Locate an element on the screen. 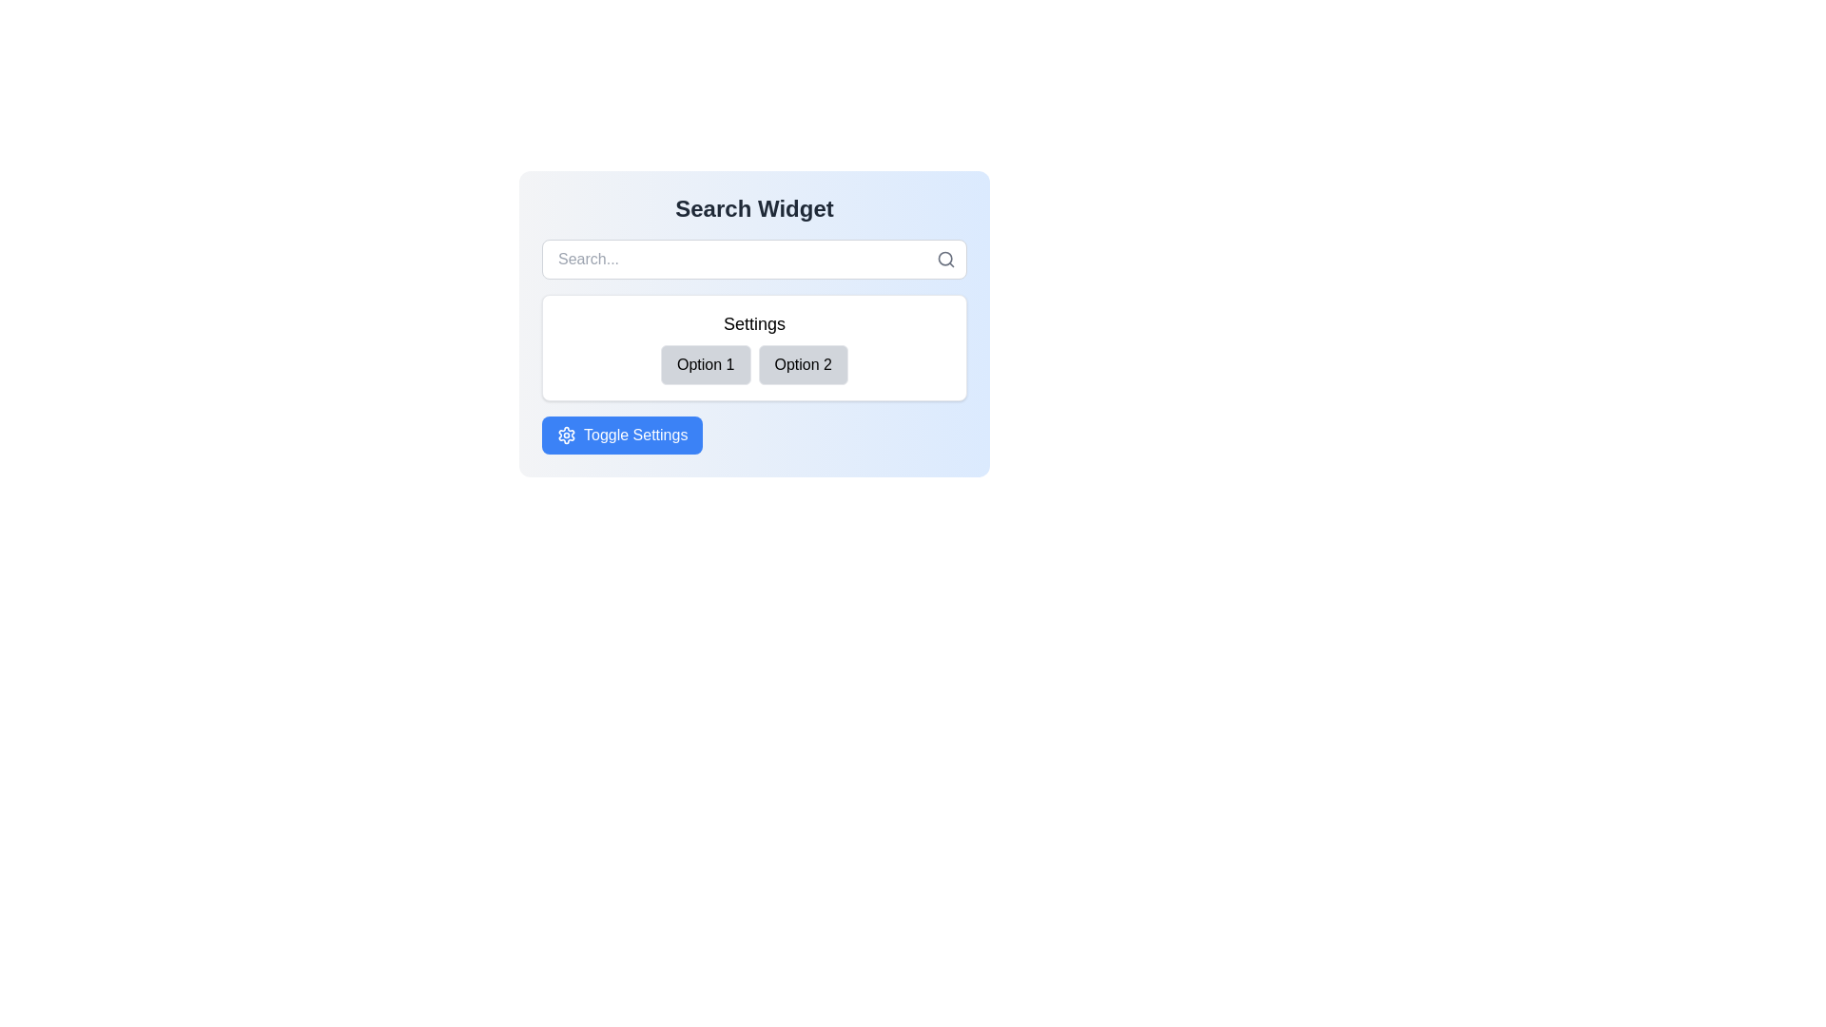  the settings icon, which resembles a gear graphic with multiple concentric circular components and protruding segments, located beneath the 'Toggle Settings' button is located at coordinates (565, 436).